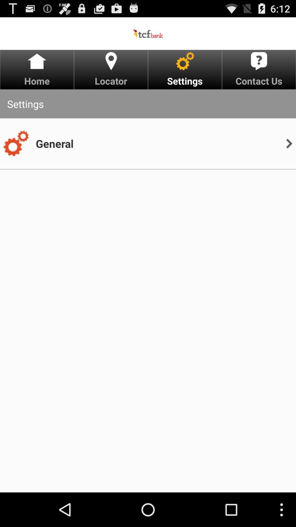 The height and width of the screenshot is (527, 296). Describe the element at coordinates (55, 144) in the screenshot. I see `general icon` at that location.